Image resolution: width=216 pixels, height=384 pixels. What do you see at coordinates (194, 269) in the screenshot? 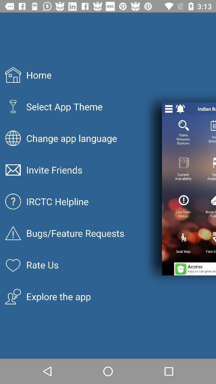
I see `the icon to the right of rate us icon` at bounding box center [194, 269].